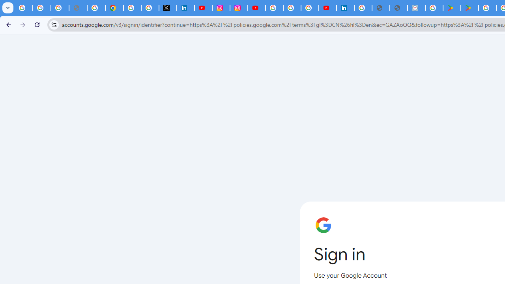 This screenshot has height=284, width=505. Describe the element at coordinates (363, 8) in the screenshot. I see `'Sign in - Google Accounts'` at that location.